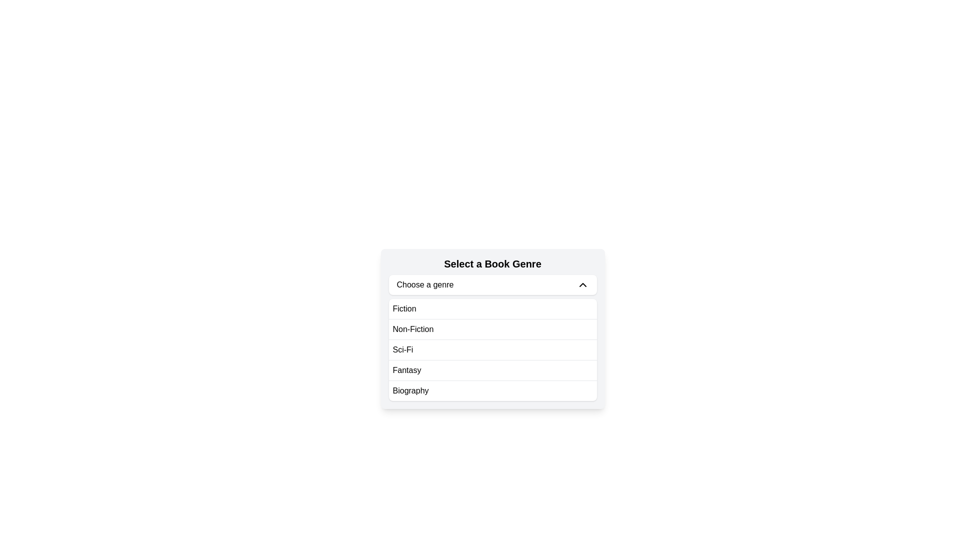 The image size is (960, 540). What do you see at coordinates (492, 390) in the screenshot?
I see `the fifth and last item in the dropdown menu labeled 'Select a Book Genre'` at bounding box center [492, 390].